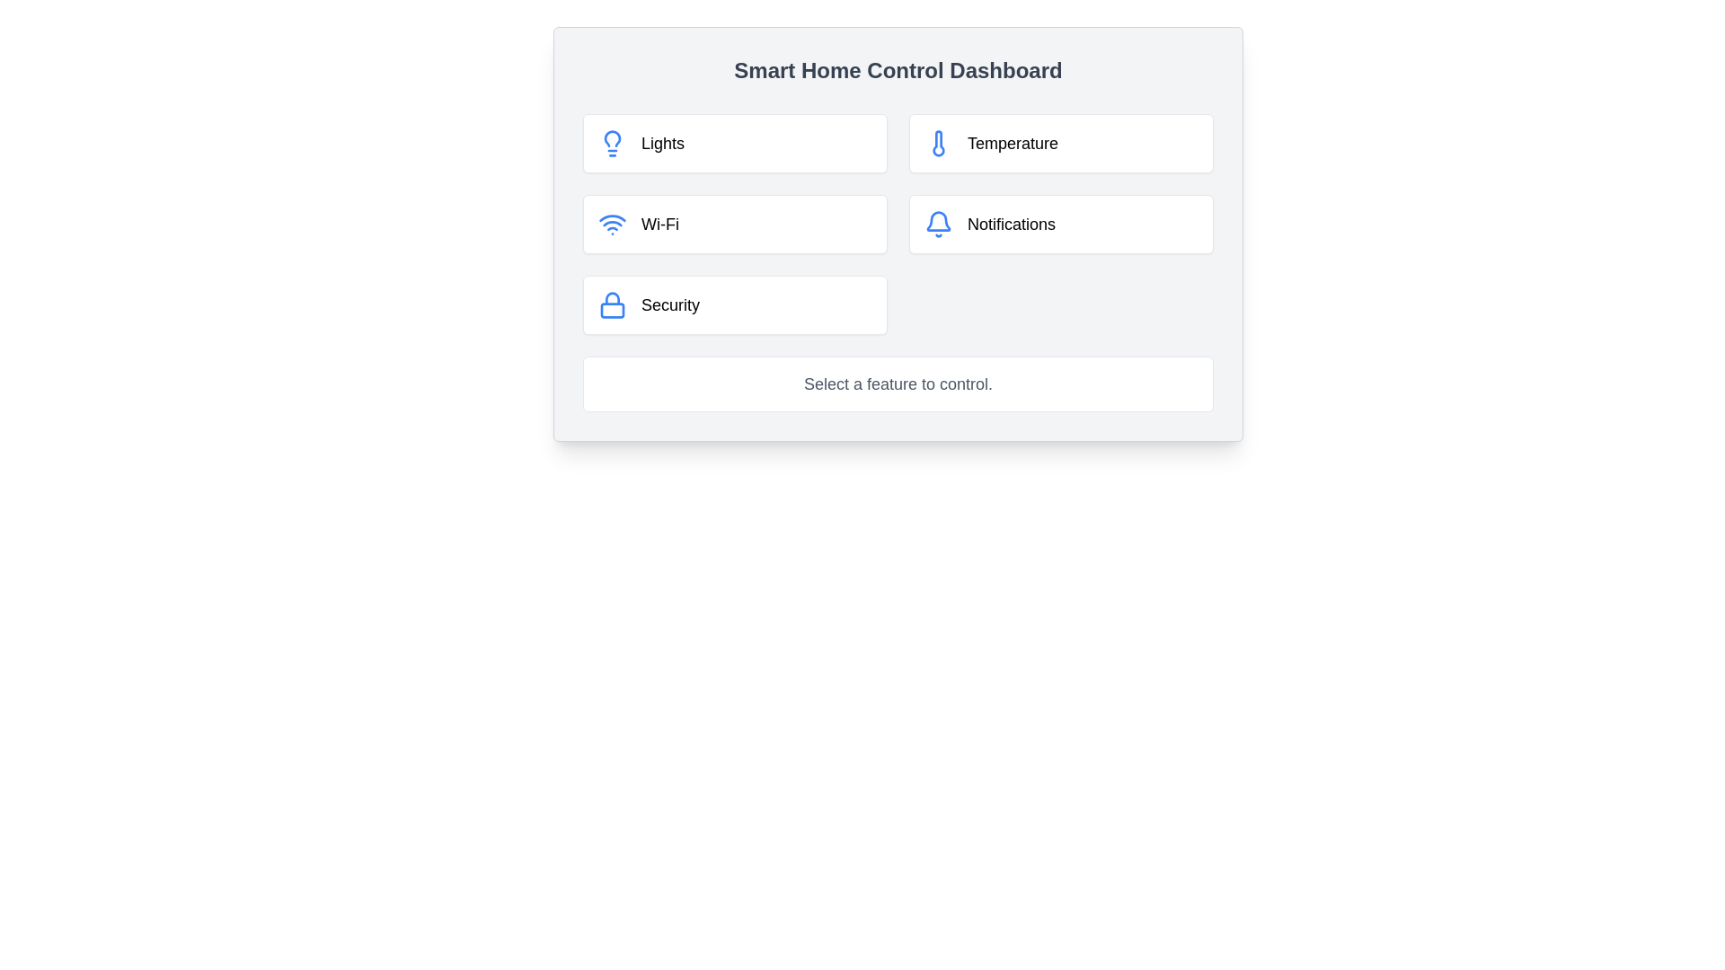 This screenshot has height=970, width=1725. What do you see at coordinates (735, 224) in the screenshot?
I see `the Wi-Fi settings button located in the second row, first column of a 2x3 grid layout, beneath the 'Lights' element and to the left of the 'Notifications' element` at bounding box center [735, 224].